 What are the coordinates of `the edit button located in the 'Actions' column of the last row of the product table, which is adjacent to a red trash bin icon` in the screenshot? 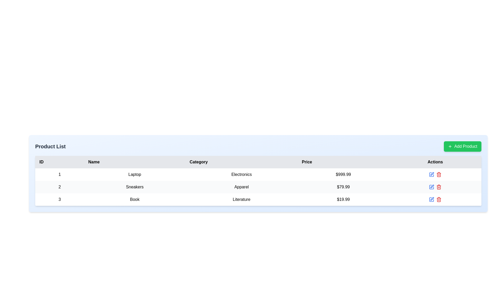 It's located at (432, 199).